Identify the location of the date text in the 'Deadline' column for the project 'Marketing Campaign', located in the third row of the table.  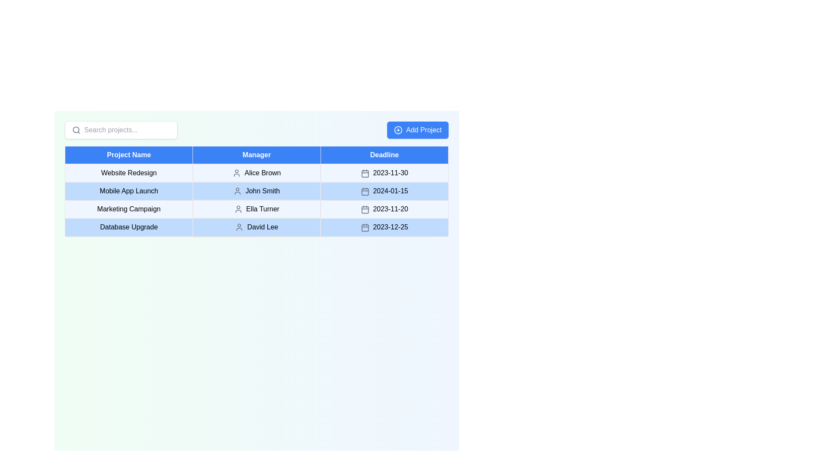
(384, 209).